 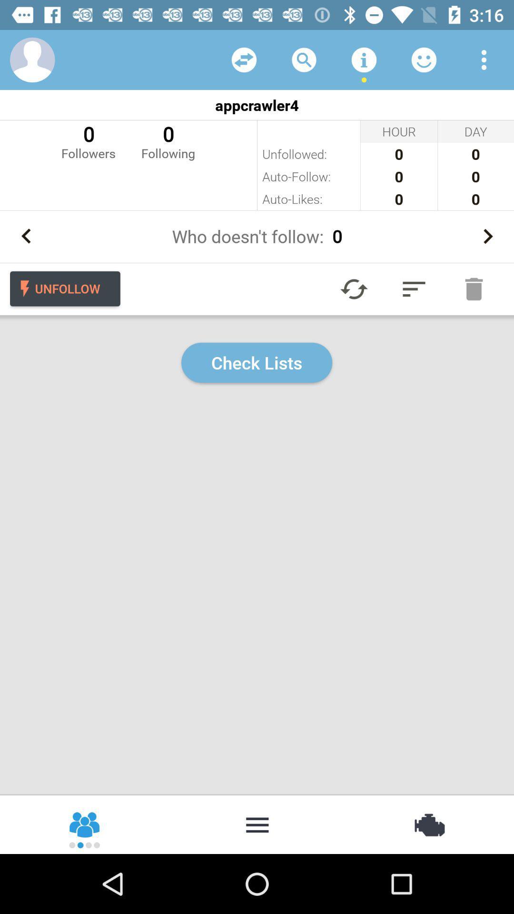 I want to click on to search, so click(x=304, y=59).